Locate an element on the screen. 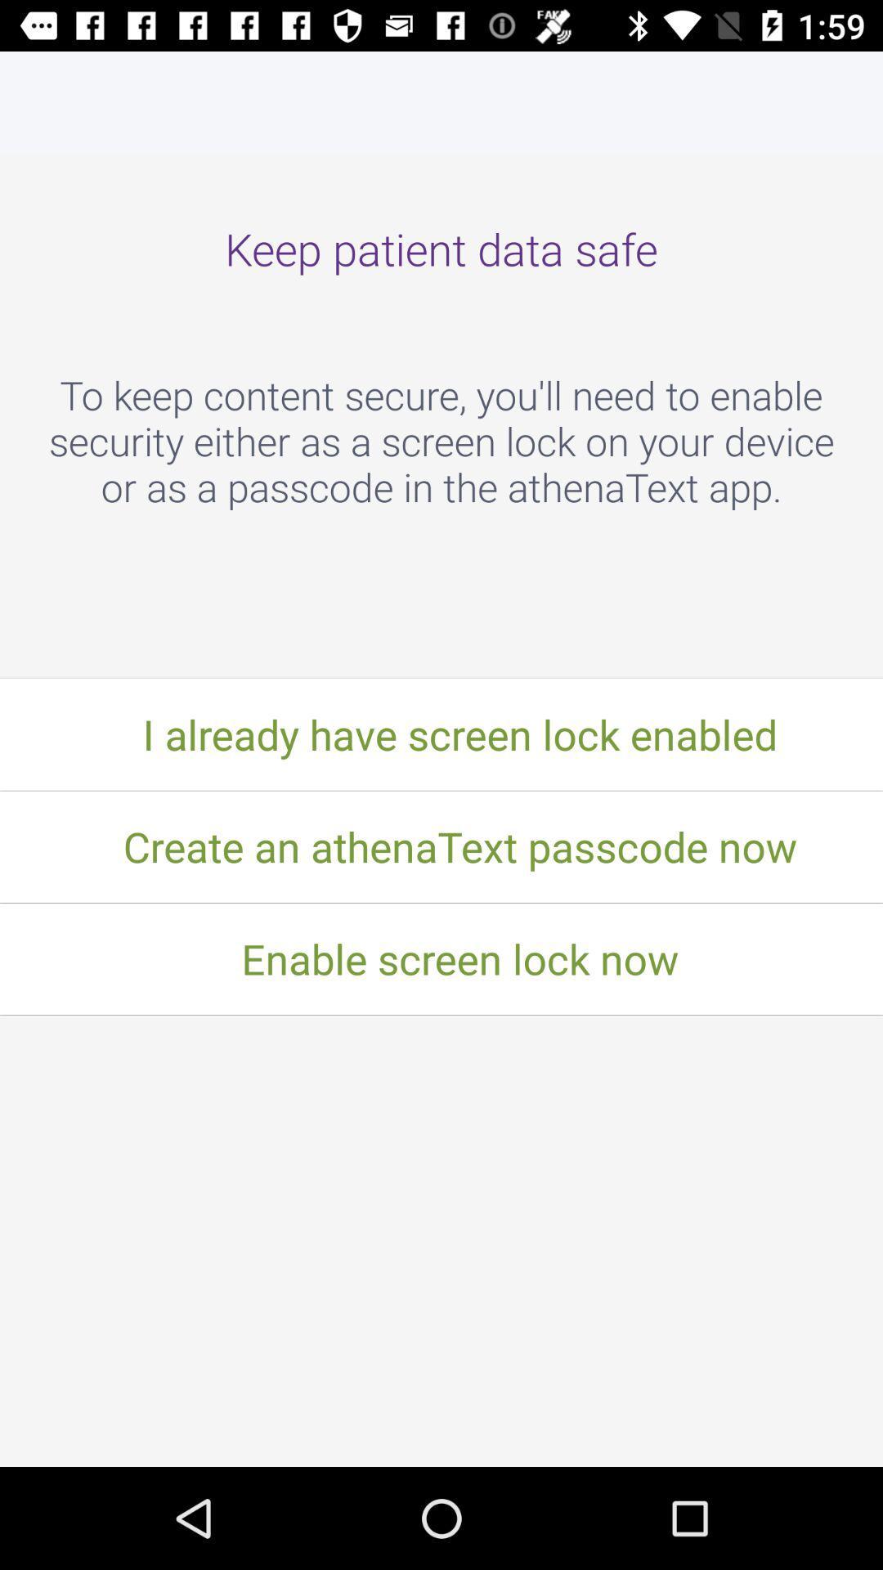  i already have icon is located at coordinates (441, 733).